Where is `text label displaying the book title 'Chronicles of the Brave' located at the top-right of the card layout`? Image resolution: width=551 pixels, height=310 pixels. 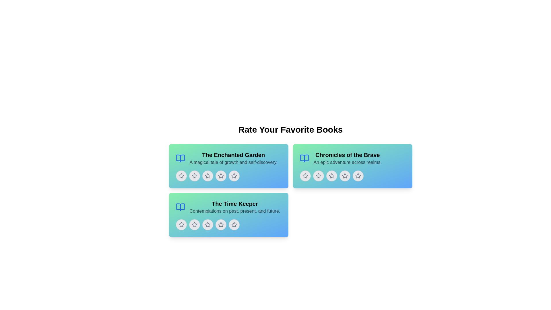
text label displaying the book title 'Chronicles of the Brave' located at the top-right of the card layout is located at coordinates (347, 155).